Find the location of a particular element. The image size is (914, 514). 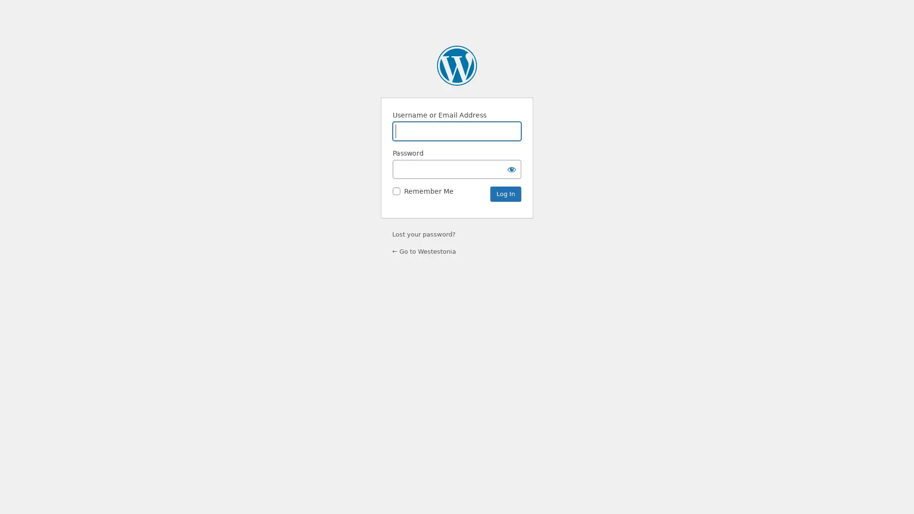

Show password is located at coordinates (511, 168).